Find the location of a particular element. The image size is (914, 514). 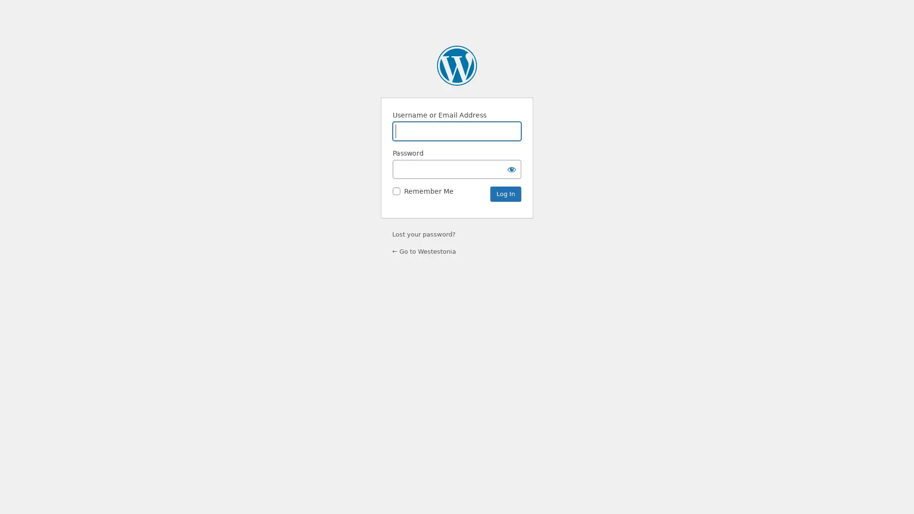

Show password is located at coordinates (511, 168).